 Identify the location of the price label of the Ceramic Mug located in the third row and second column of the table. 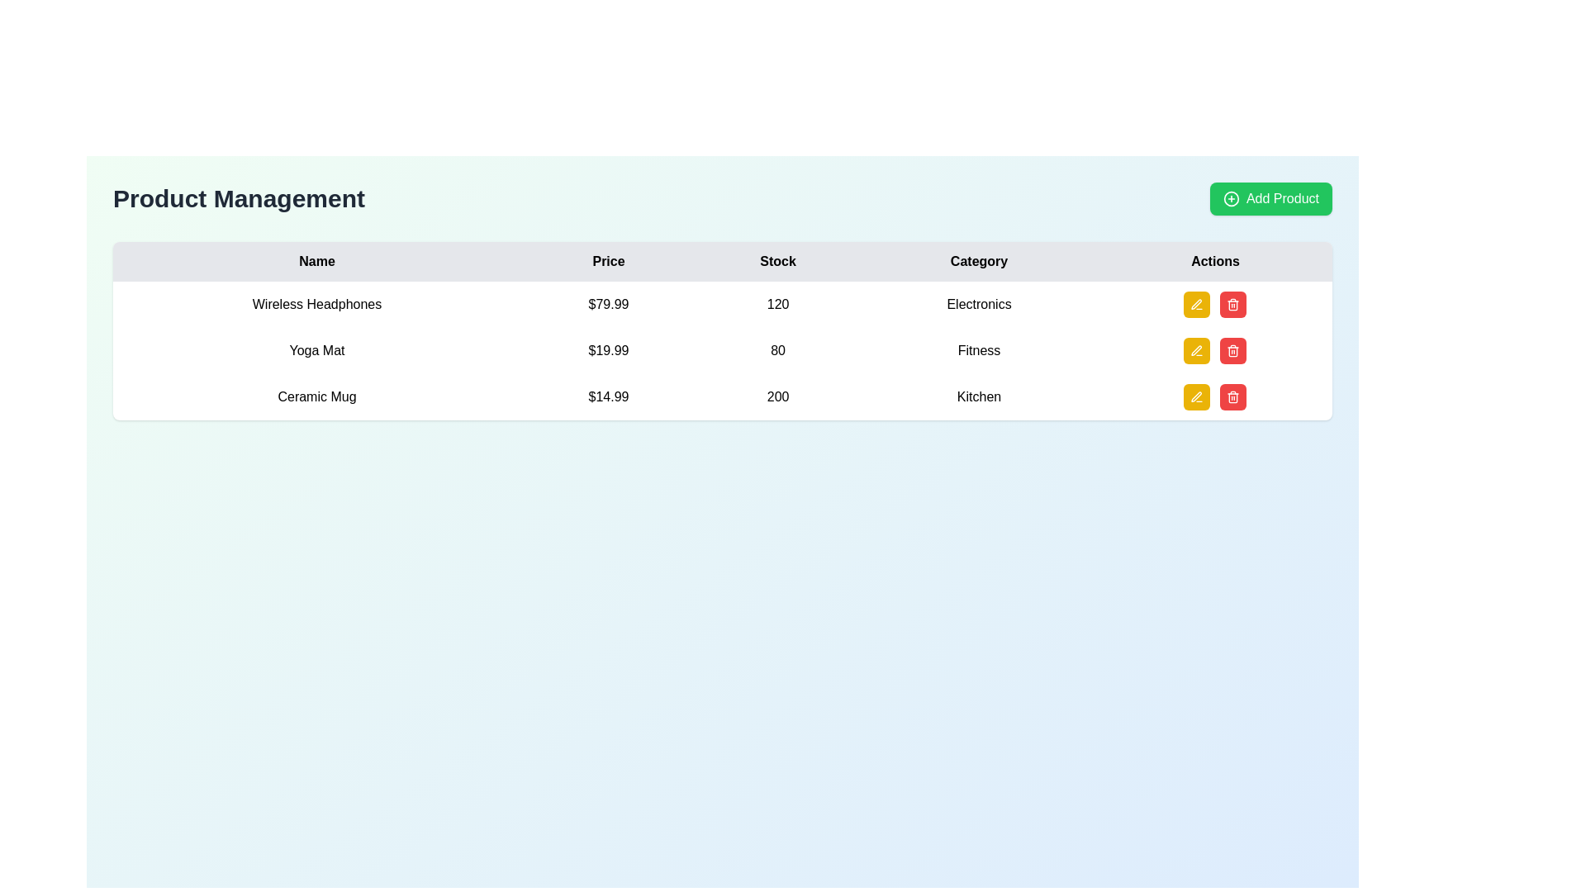
(608, 397).